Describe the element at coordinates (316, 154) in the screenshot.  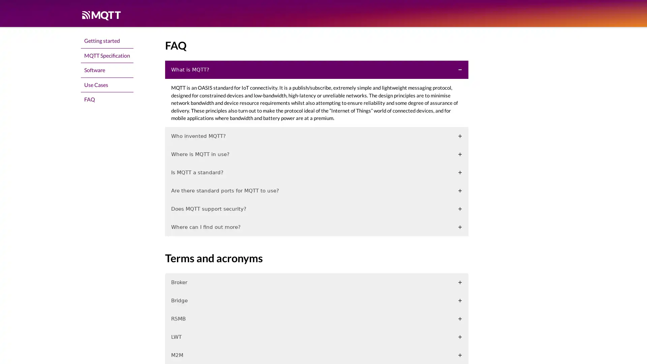
I see `Where is MQTT in use? +` at that location.